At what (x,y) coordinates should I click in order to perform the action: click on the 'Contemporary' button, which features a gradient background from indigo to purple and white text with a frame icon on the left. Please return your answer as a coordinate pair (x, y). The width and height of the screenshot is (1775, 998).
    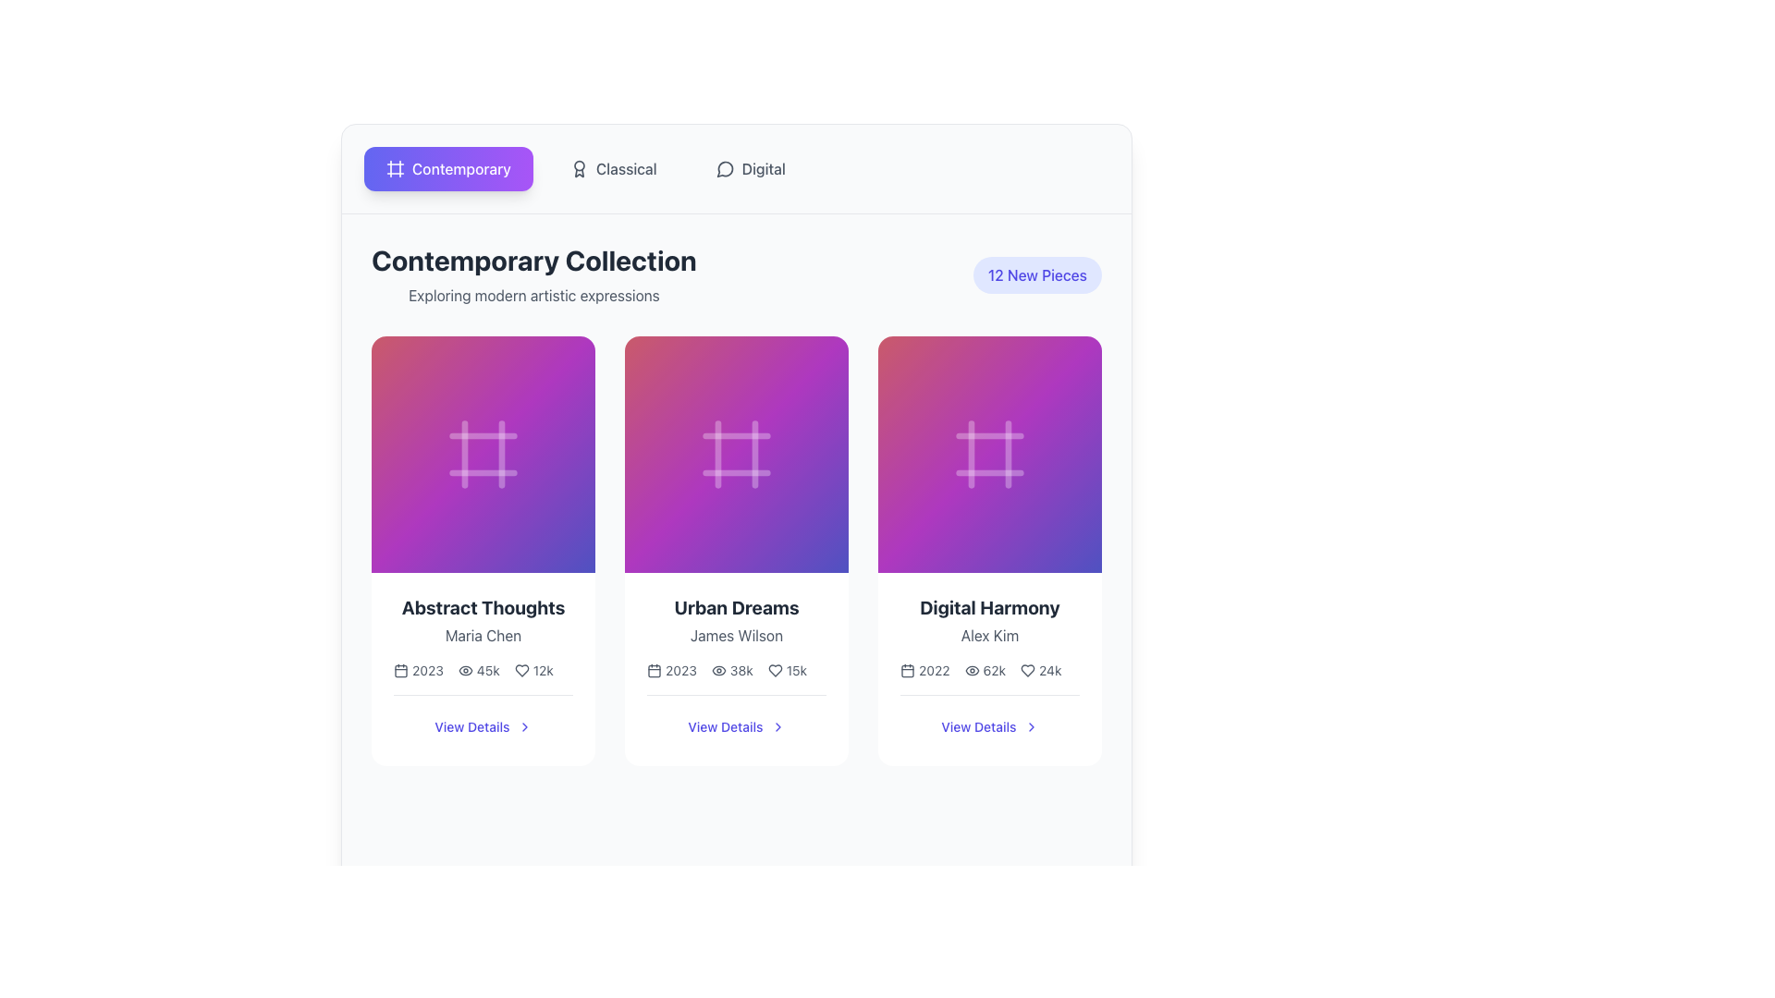
    Looking at the image, I should click on (448, 168).